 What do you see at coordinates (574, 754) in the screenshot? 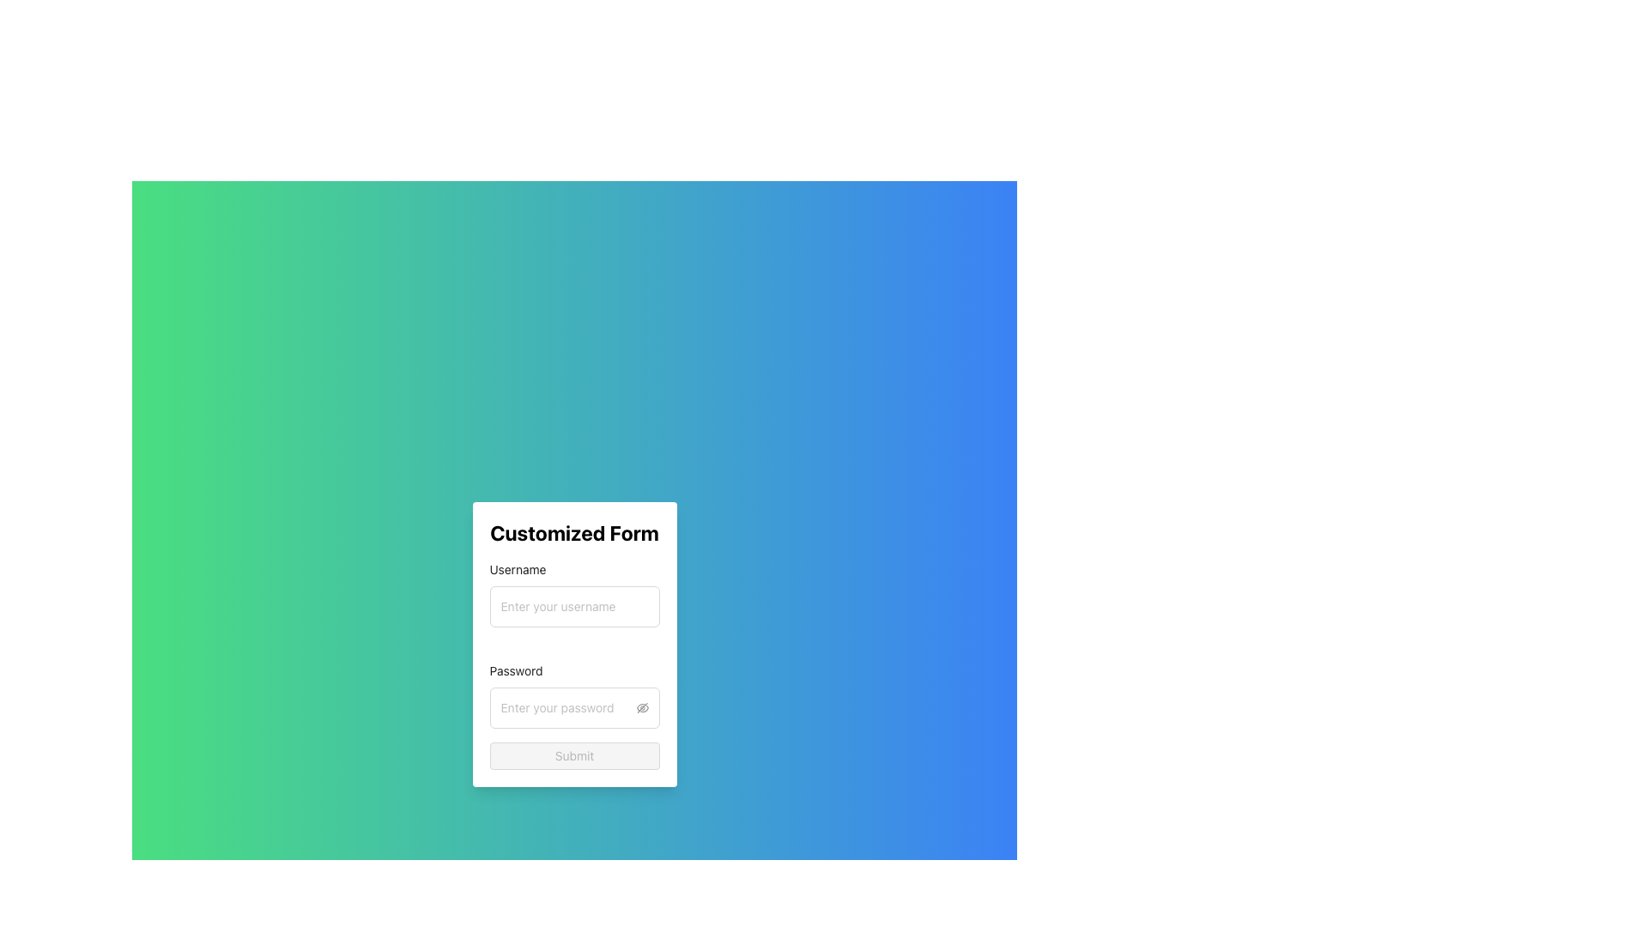
I see `the 'Submit' button with a blue background and white text located at the bottom of the form` at bounding box center [574, 754].